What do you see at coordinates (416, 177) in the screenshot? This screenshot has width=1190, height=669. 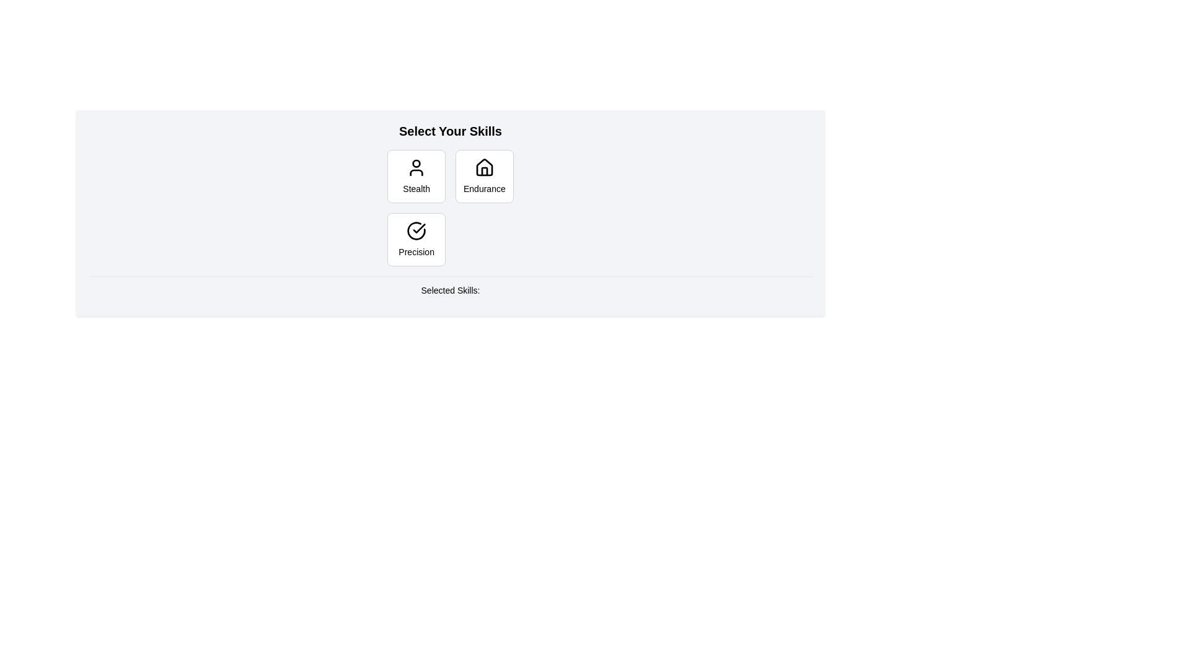 I see `the 'Stealth' selection tile` at bounding box center [416, 177].